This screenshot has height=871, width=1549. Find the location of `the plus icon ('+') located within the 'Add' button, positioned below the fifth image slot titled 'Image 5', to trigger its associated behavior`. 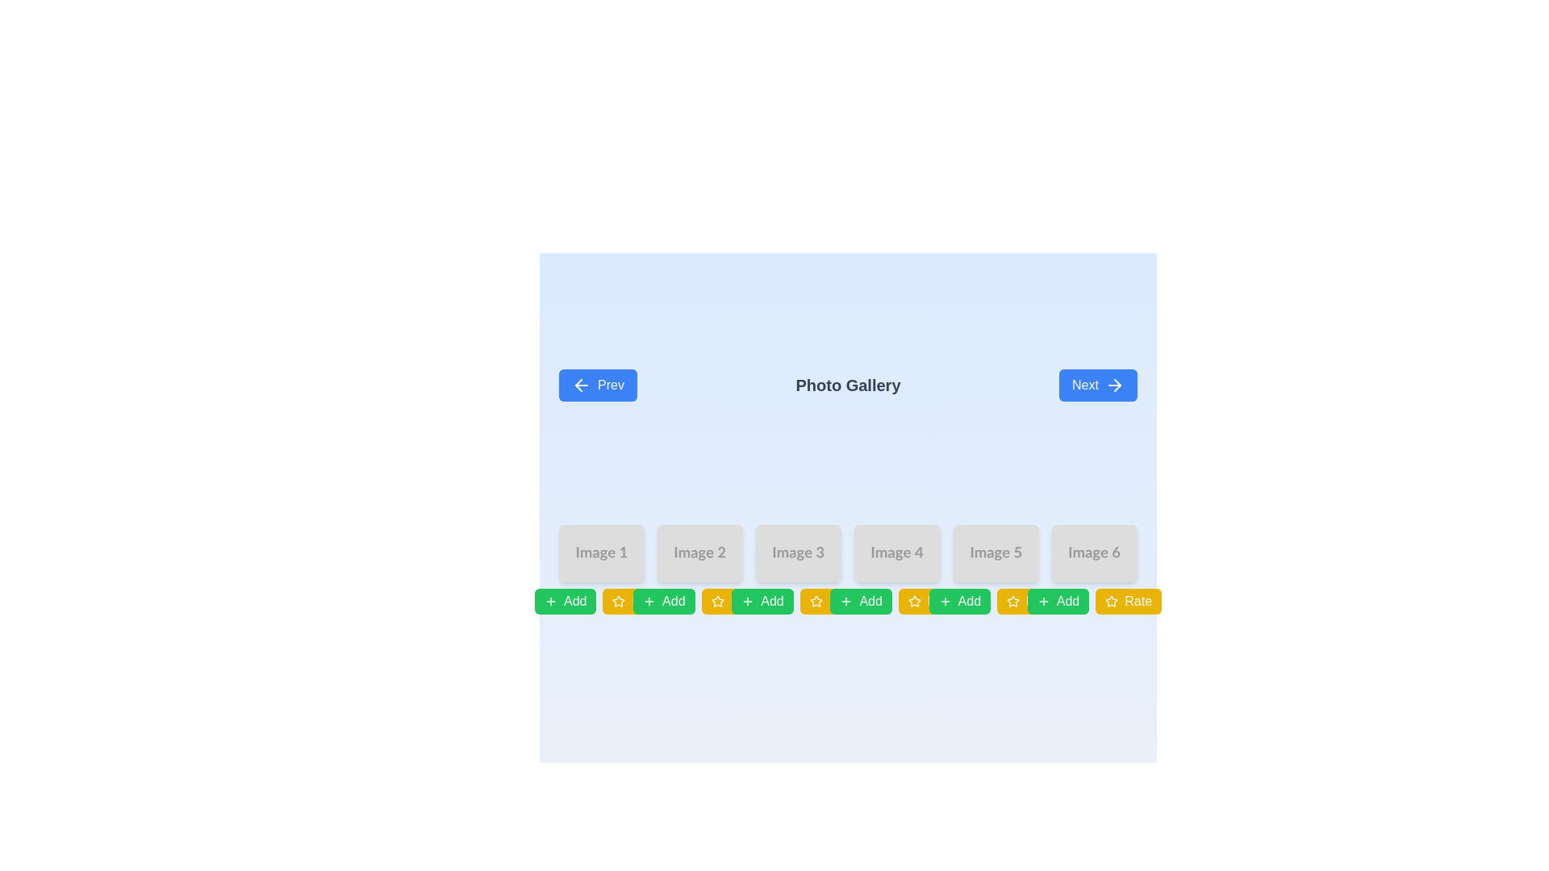

the plus icon ('+') located within the 'Add' button, positioned below the fifth image slot titled 'Image 5', to trigger its associated behavior is located at coordinates (945, 601).